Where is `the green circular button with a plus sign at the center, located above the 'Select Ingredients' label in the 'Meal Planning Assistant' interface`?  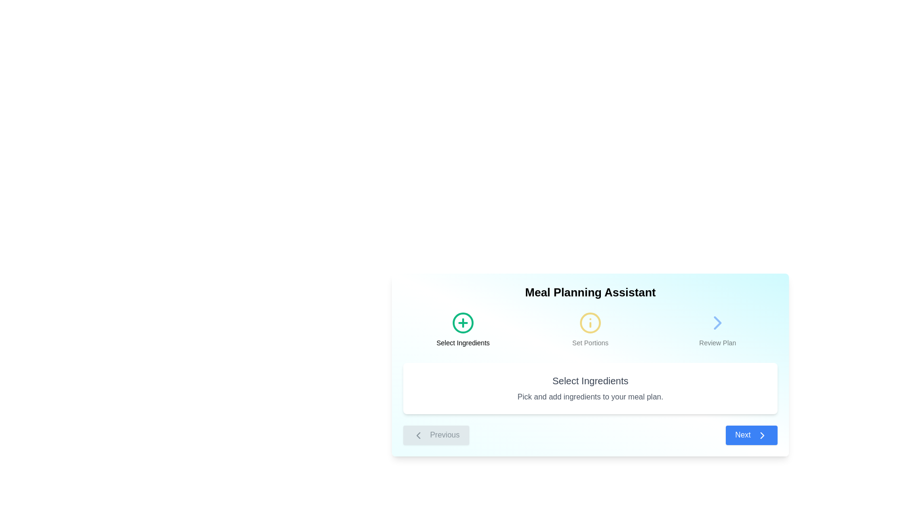 the green circular button with a plus sign at the center, located above the 'Select Ingredients' label in the 'Meal Planning Assistant' interface is located at coordinates (463, 322).